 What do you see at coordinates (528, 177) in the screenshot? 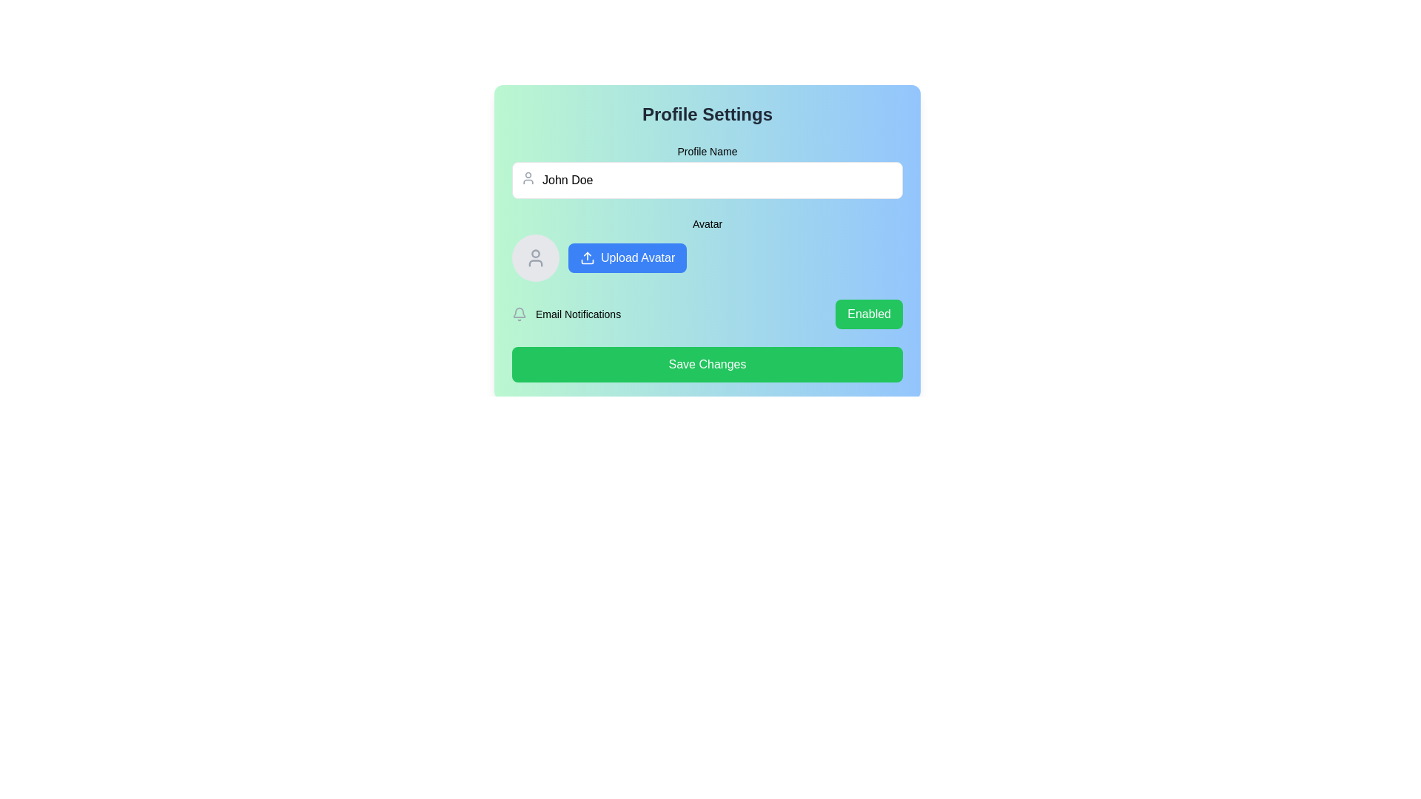
I see `the user avatar icon, which is a minimalist line drawing of a person, located to the left of the 'Profile Name' input field in the 'Profile Settings' interface` at bounding box center [528, 177].